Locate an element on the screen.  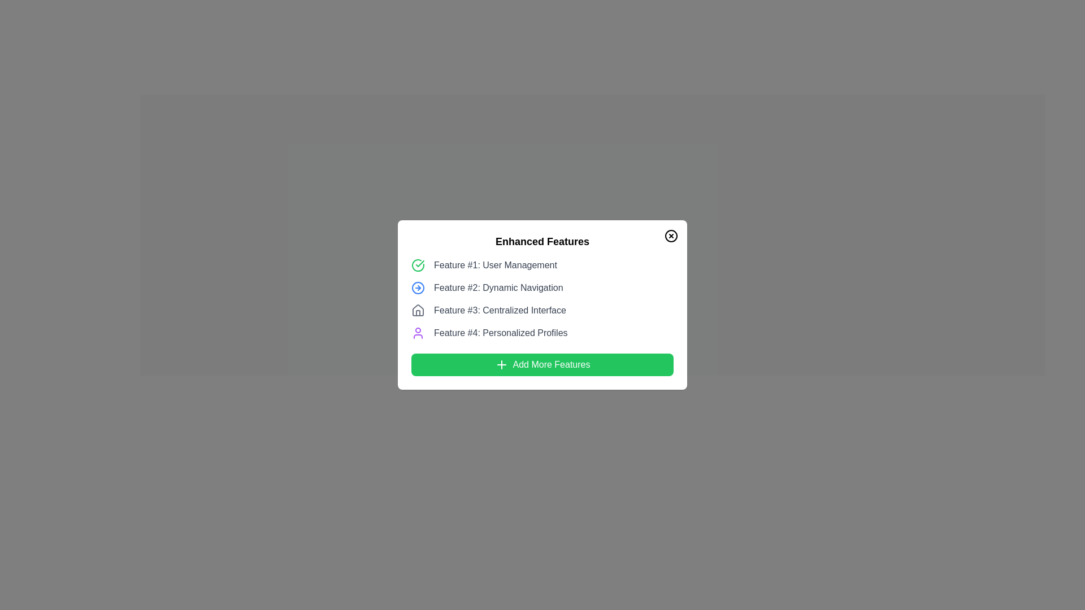
the Label with icon that features a green circular checkmark and the text 'Feature #1: User Management', located at the top of the feature list in the modal dialogue is located at coordinates (542, 265).